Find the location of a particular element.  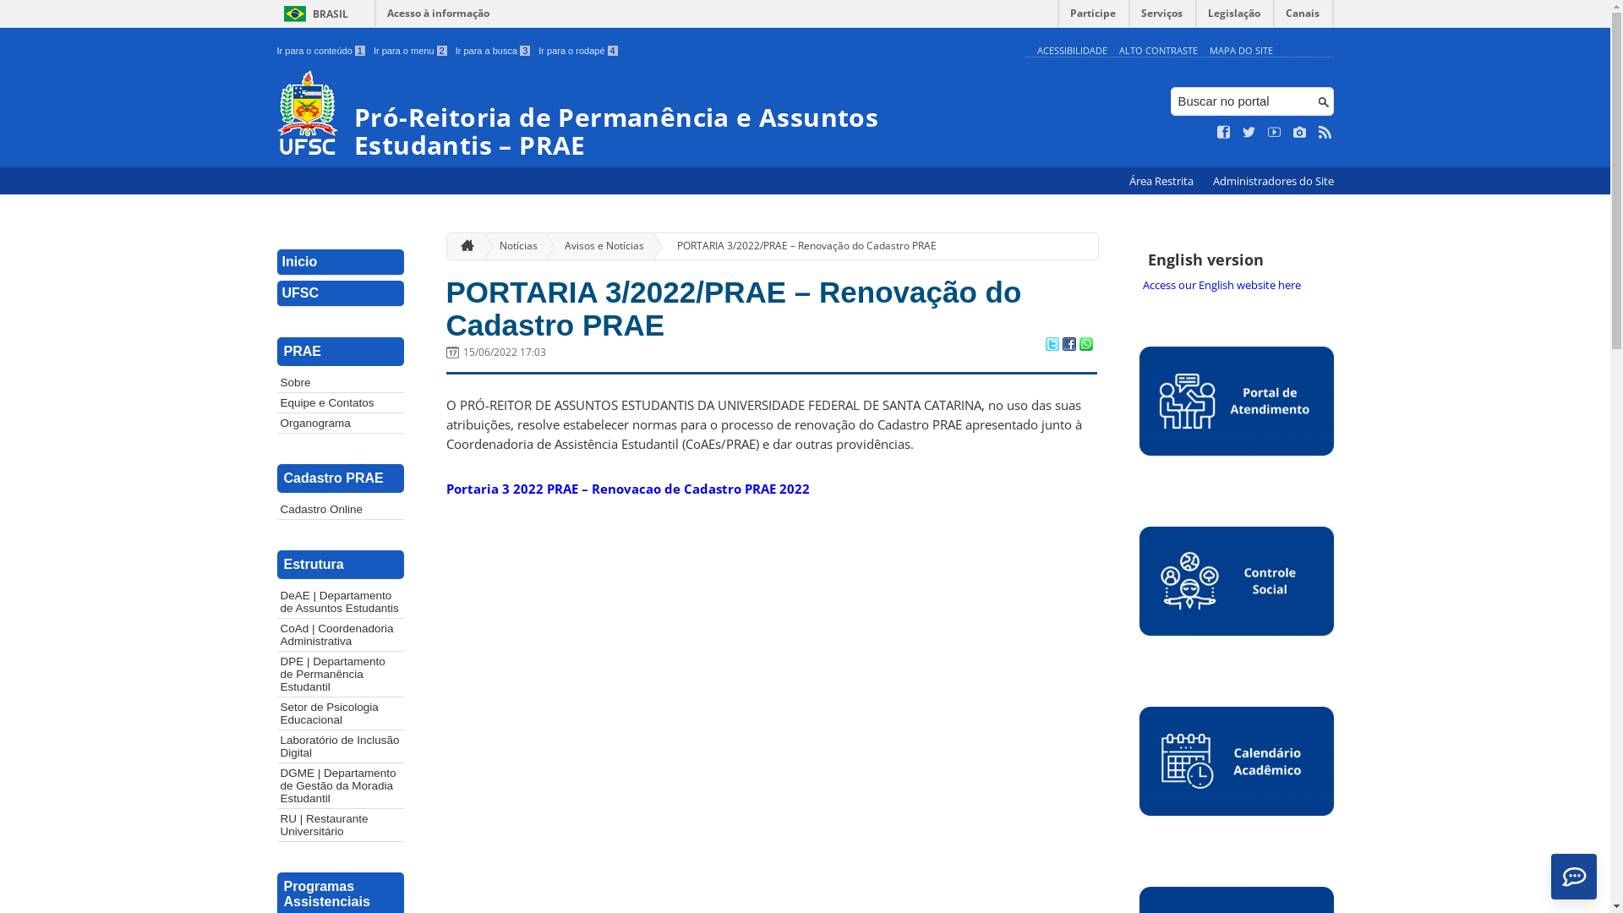

'BRASIL' is located at coordinates (313, 14).